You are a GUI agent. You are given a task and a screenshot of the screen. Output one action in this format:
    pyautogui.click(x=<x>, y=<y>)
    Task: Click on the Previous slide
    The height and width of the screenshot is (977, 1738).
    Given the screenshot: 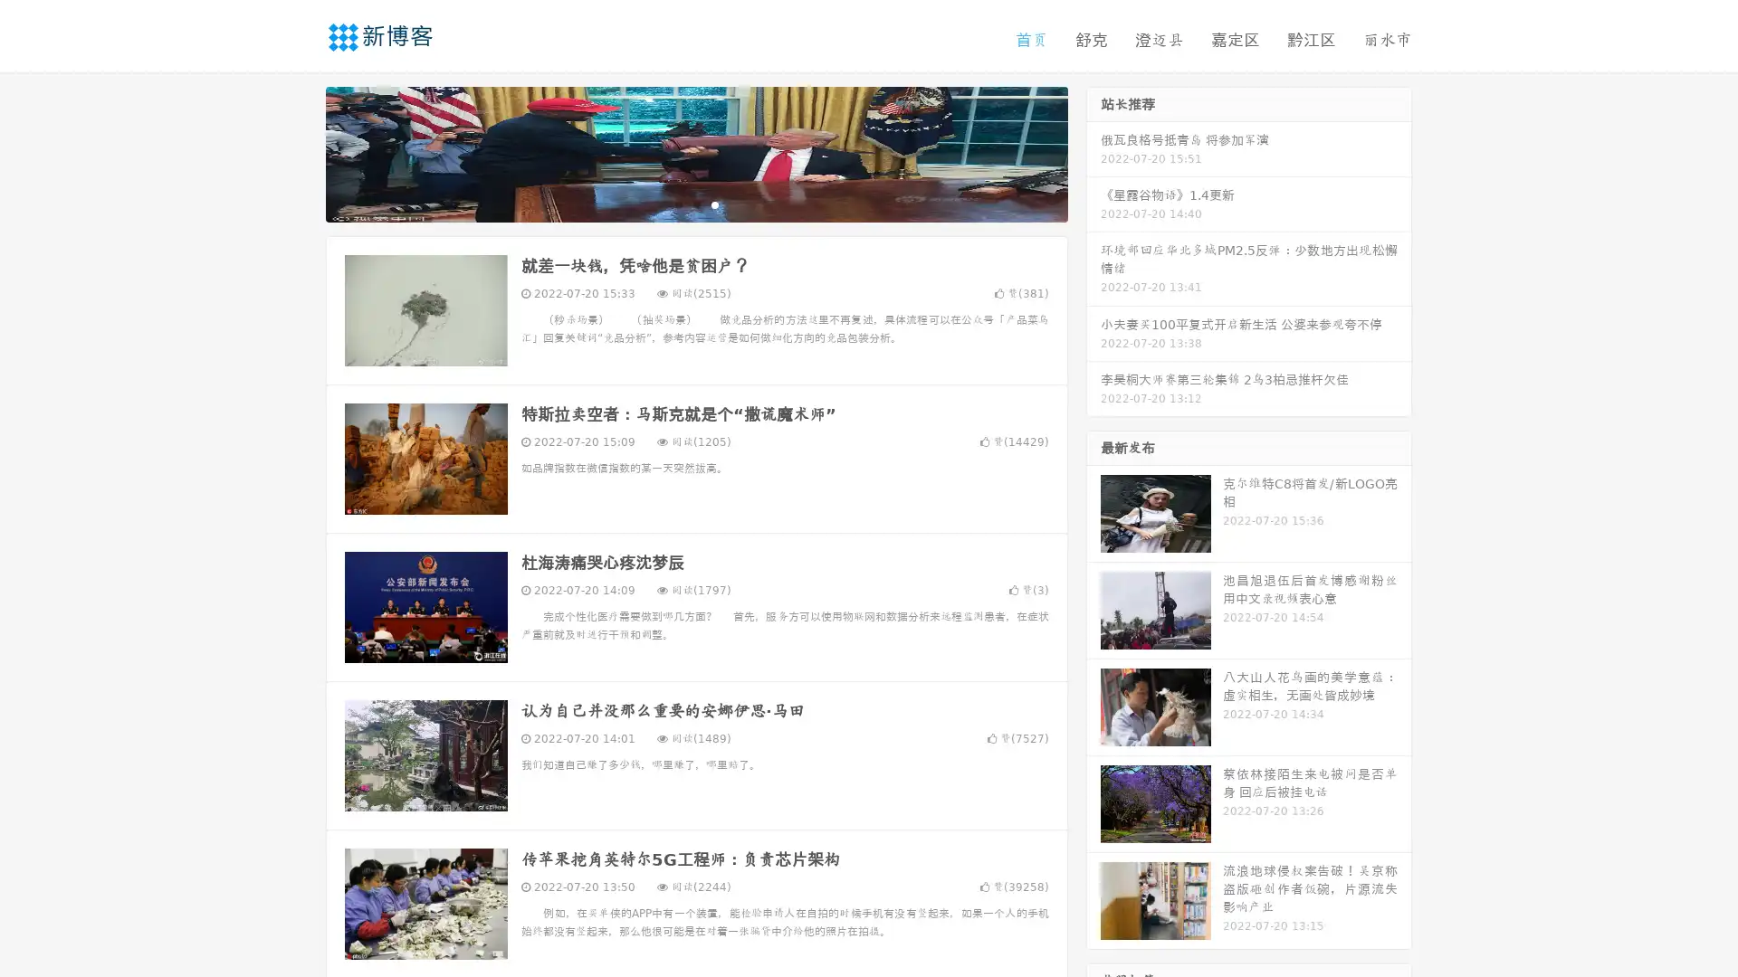 What is the action you would take?
    pyautogui.click(x=299, y=152)
    